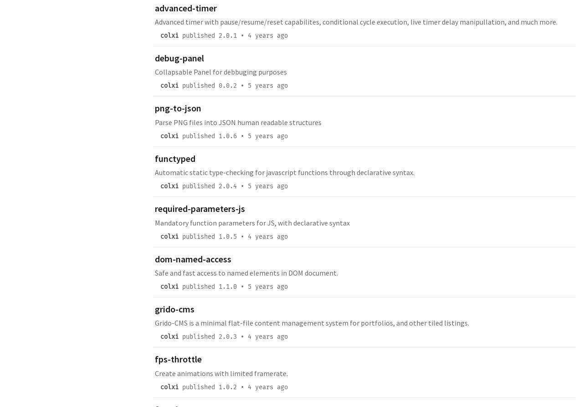  I want to click on 'Grido-CMS is a minimal flat-file content management system for portfolios, and other tiled listings.', so click(312, 322).